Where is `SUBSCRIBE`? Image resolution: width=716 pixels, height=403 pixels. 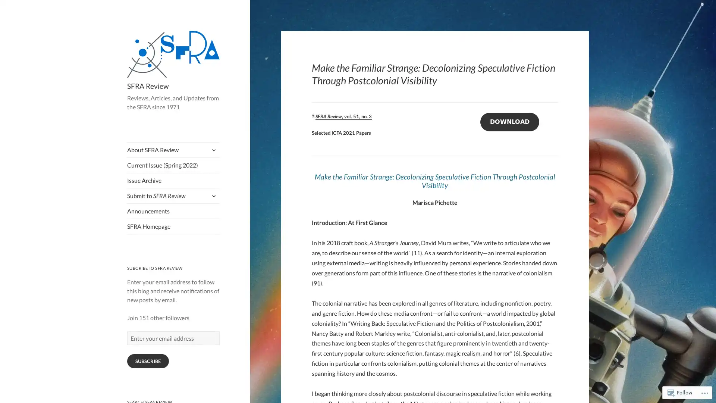 SUBSCRIBE is located at coordinates (148, 361).